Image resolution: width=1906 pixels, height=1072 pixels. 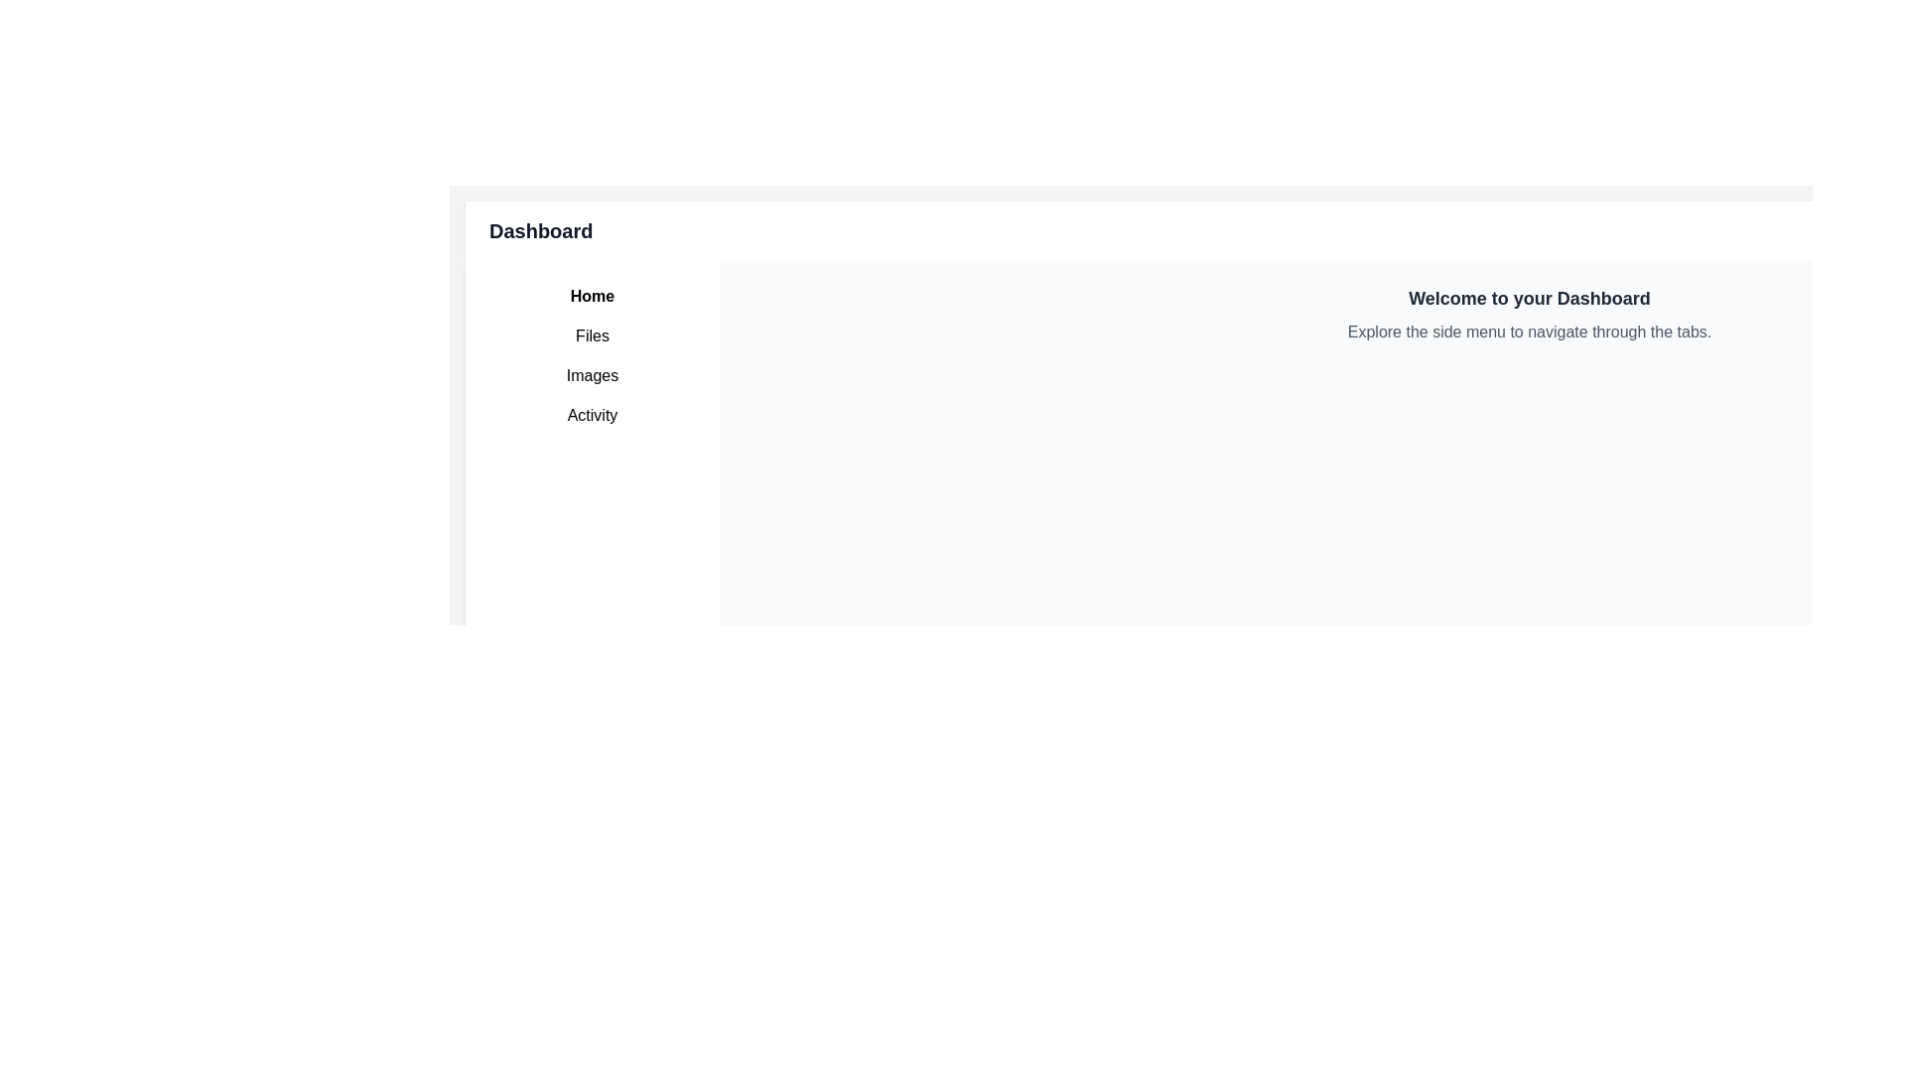 I want to click on the text label displaying 'Activity' in the vertical navigation menu, located beneath the 'Images' item, so click(x=591, y=415).